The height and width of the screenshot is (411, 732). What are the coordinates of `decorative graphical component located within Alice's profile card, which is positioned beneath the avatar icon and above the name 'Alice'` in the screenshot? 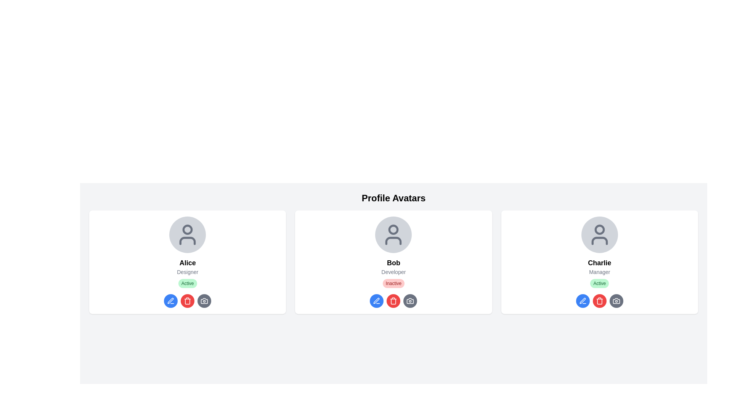 It's located at (188, 241).